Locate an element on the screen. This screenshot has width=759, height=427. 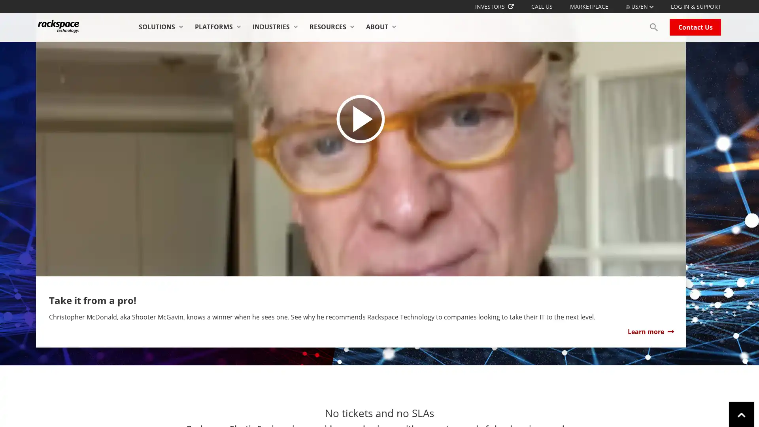
Accept Cookies is located at coordinates (631, 410).